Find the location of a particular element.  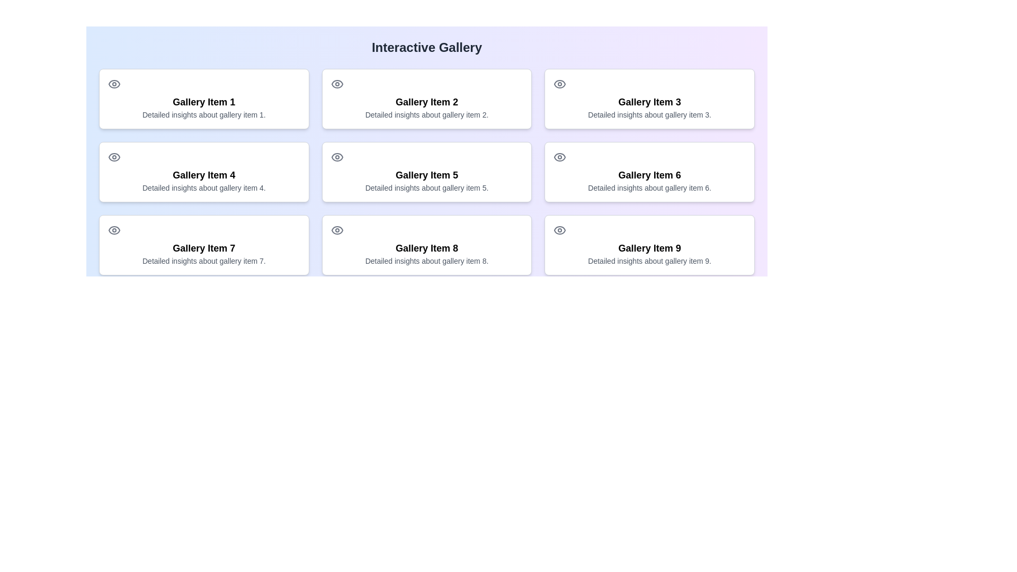

the eye icon in the top-left corner of the first gallery card labeled 'Gallery Item 1', which is styled in monochrome gray and has rounded curves is located at coordinates (114, 83).